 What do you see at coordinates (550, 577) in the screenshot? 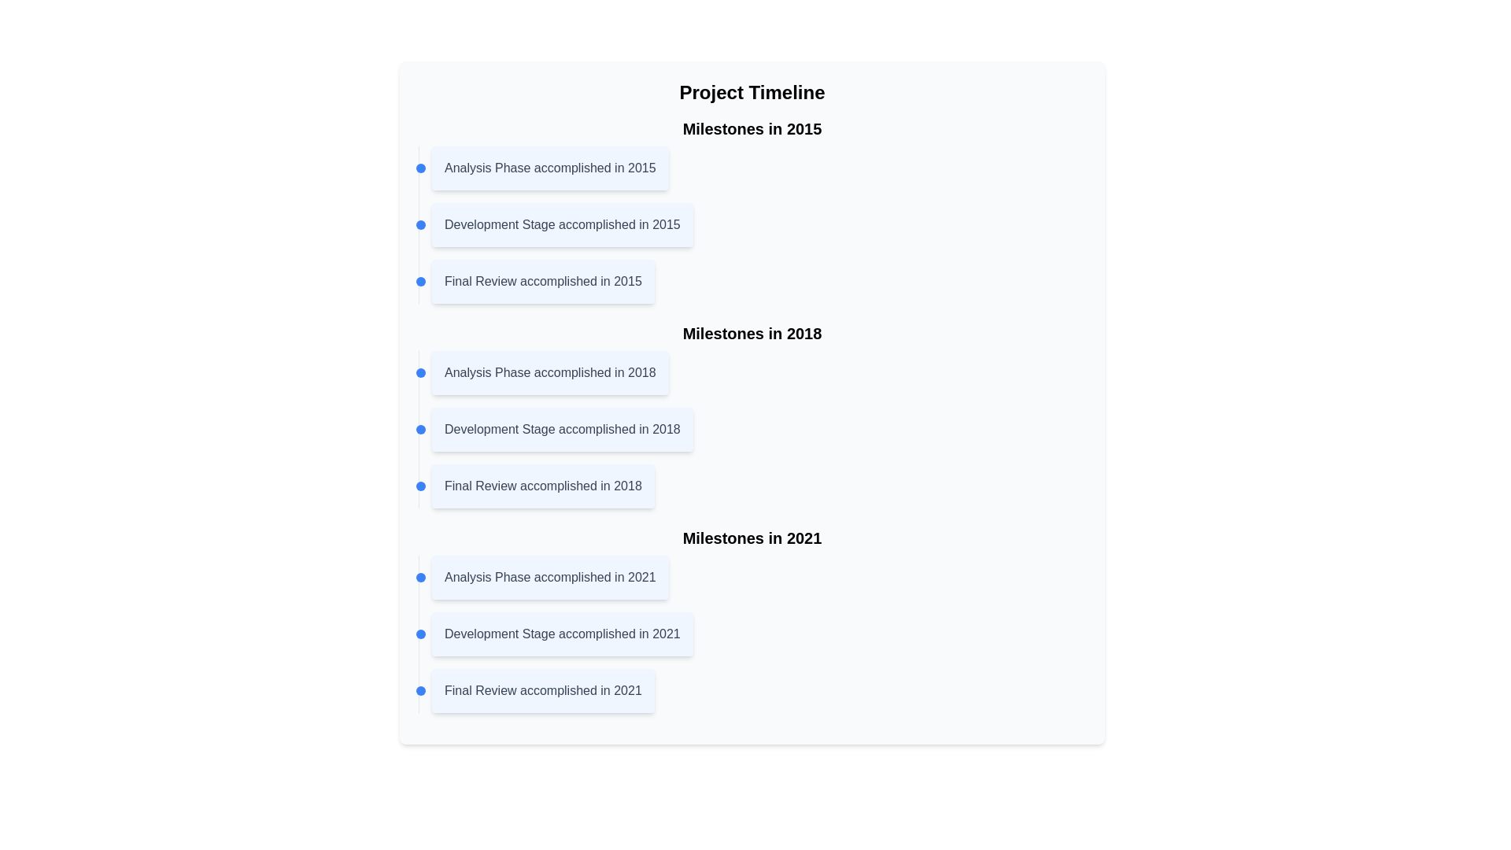
I see `the first Text Label in the 'Milestones in 2021' section of the timeline, which informs users about the completion of the analysis phase in 2021` at bounding box center [550, 577].